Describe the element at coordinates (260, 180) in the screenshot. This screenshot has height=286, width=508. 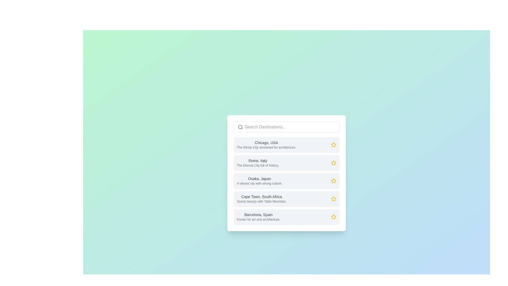
I see `the text block displaying 'Osaka, Japan' and its subtitle 'A vibrant city with strong culture'` at that location.